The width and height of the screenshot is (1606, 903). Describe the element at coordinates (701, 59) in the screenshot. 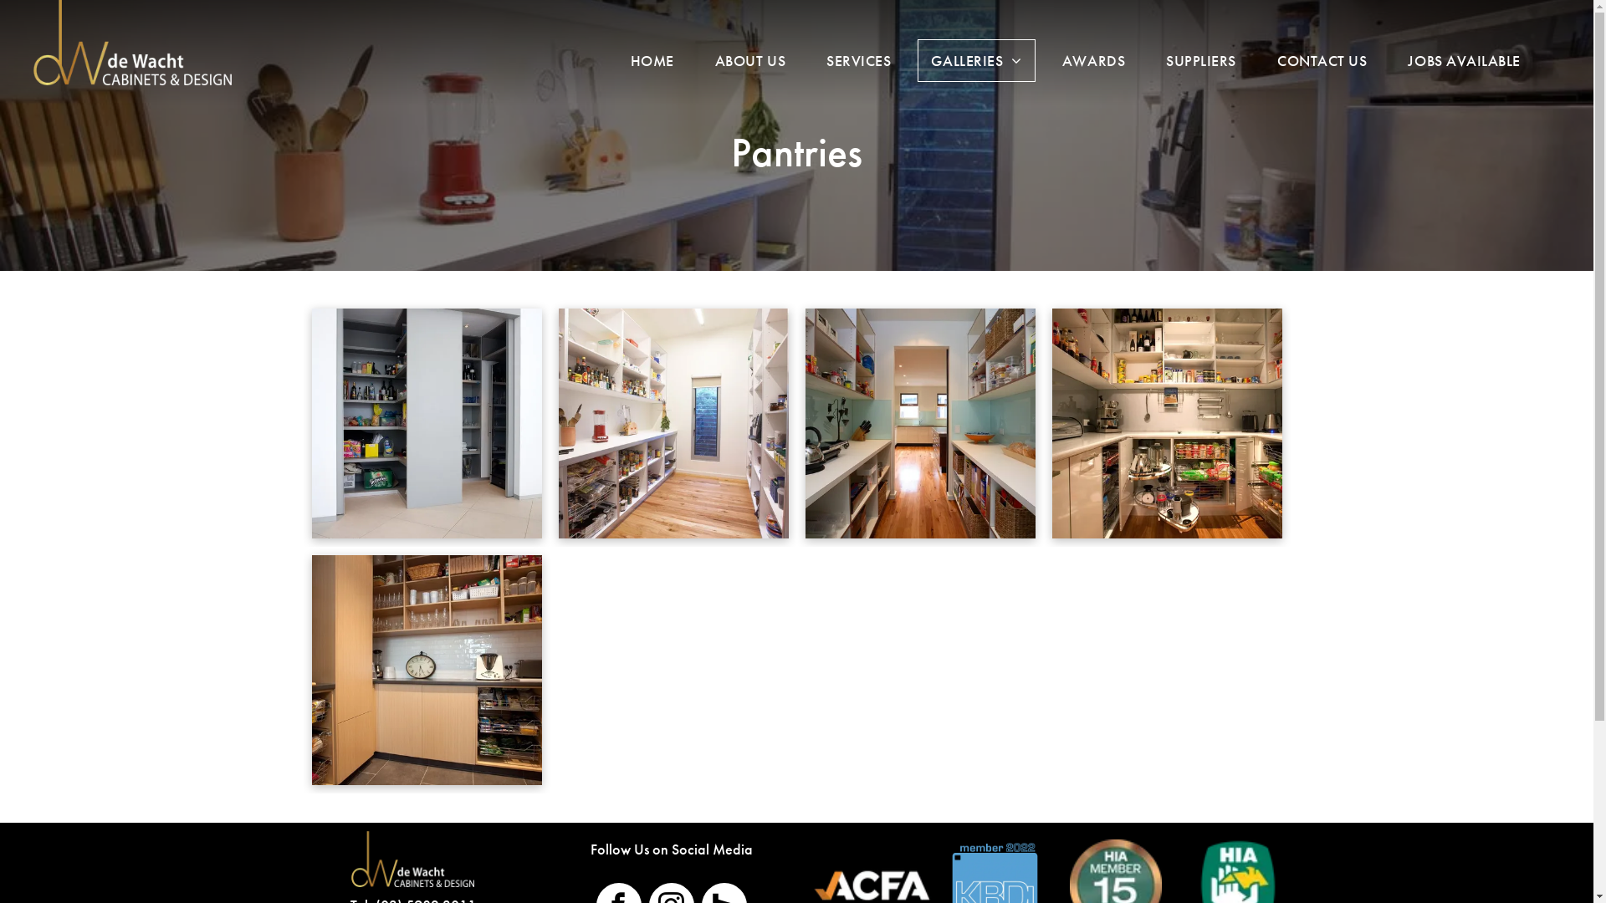

I see `'ABOUT US'` at that location.